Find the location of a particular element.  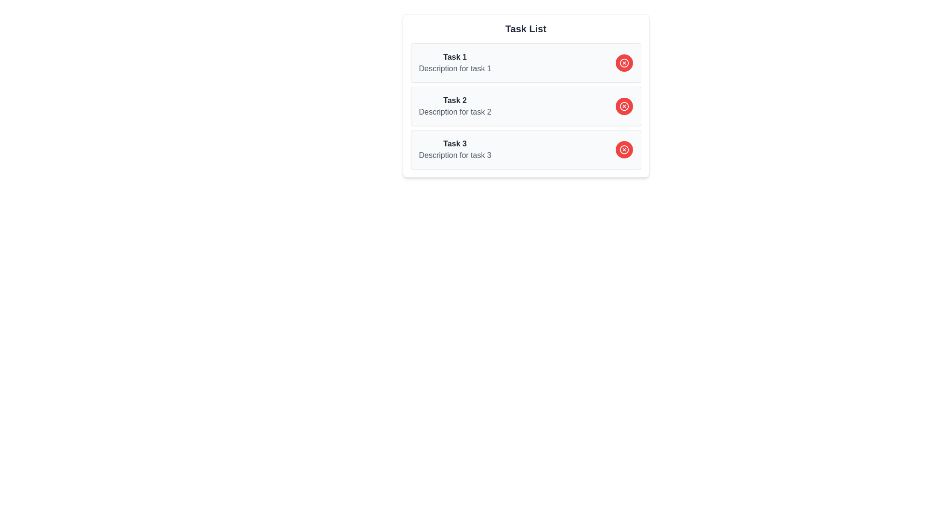

the first row element in the 'Task List' that contains the title and description for a task is located at coordinates (454, 63).